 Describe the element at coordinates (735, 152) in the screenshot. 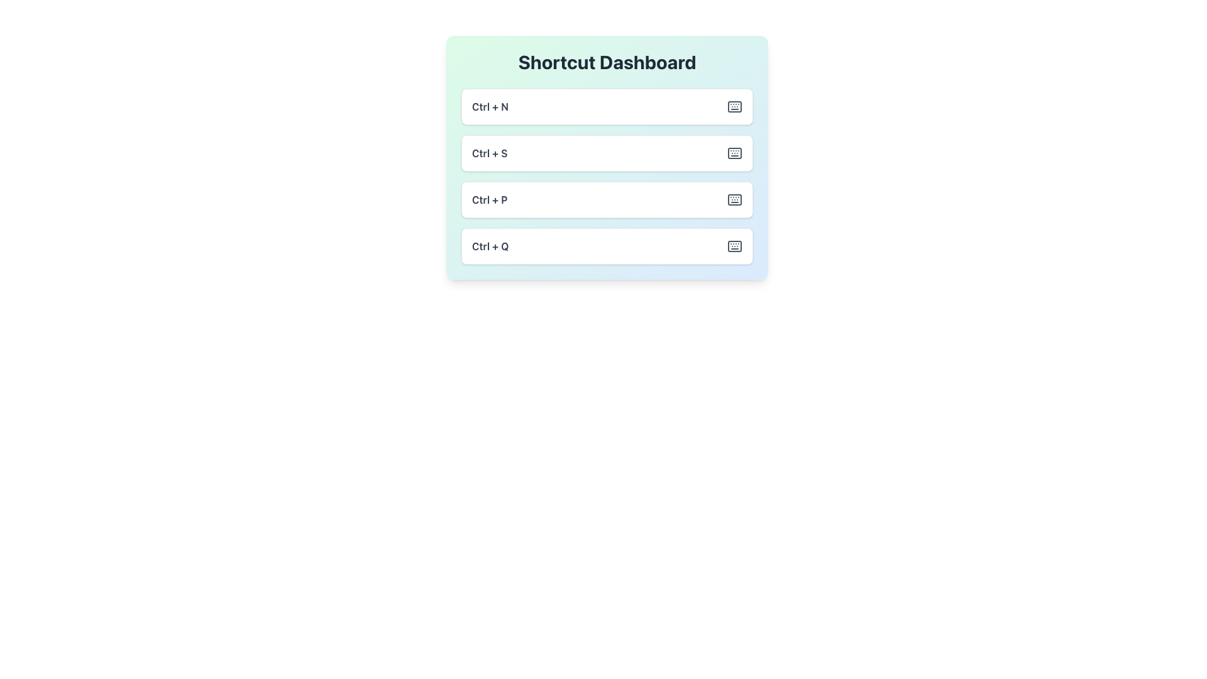

I see `the second keycap icon from the top in the shortcut list, located in the rightmost area of its row, which visually represents a keyboard input for the associated shortcut action` at that location.